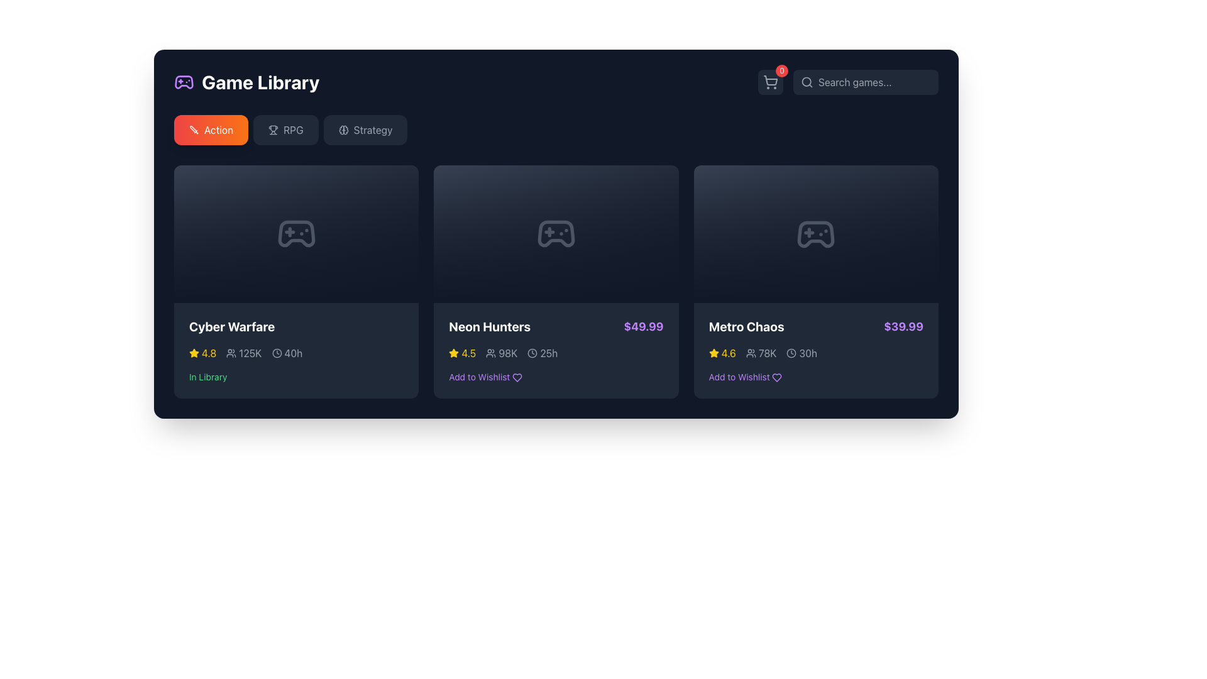 The height and width of the screenshot is (679, 1207). I want to click on the trophy icon located within the 'RPG' button on the top bar of the application, positioned towards the left side of the button, so click(273, 130).